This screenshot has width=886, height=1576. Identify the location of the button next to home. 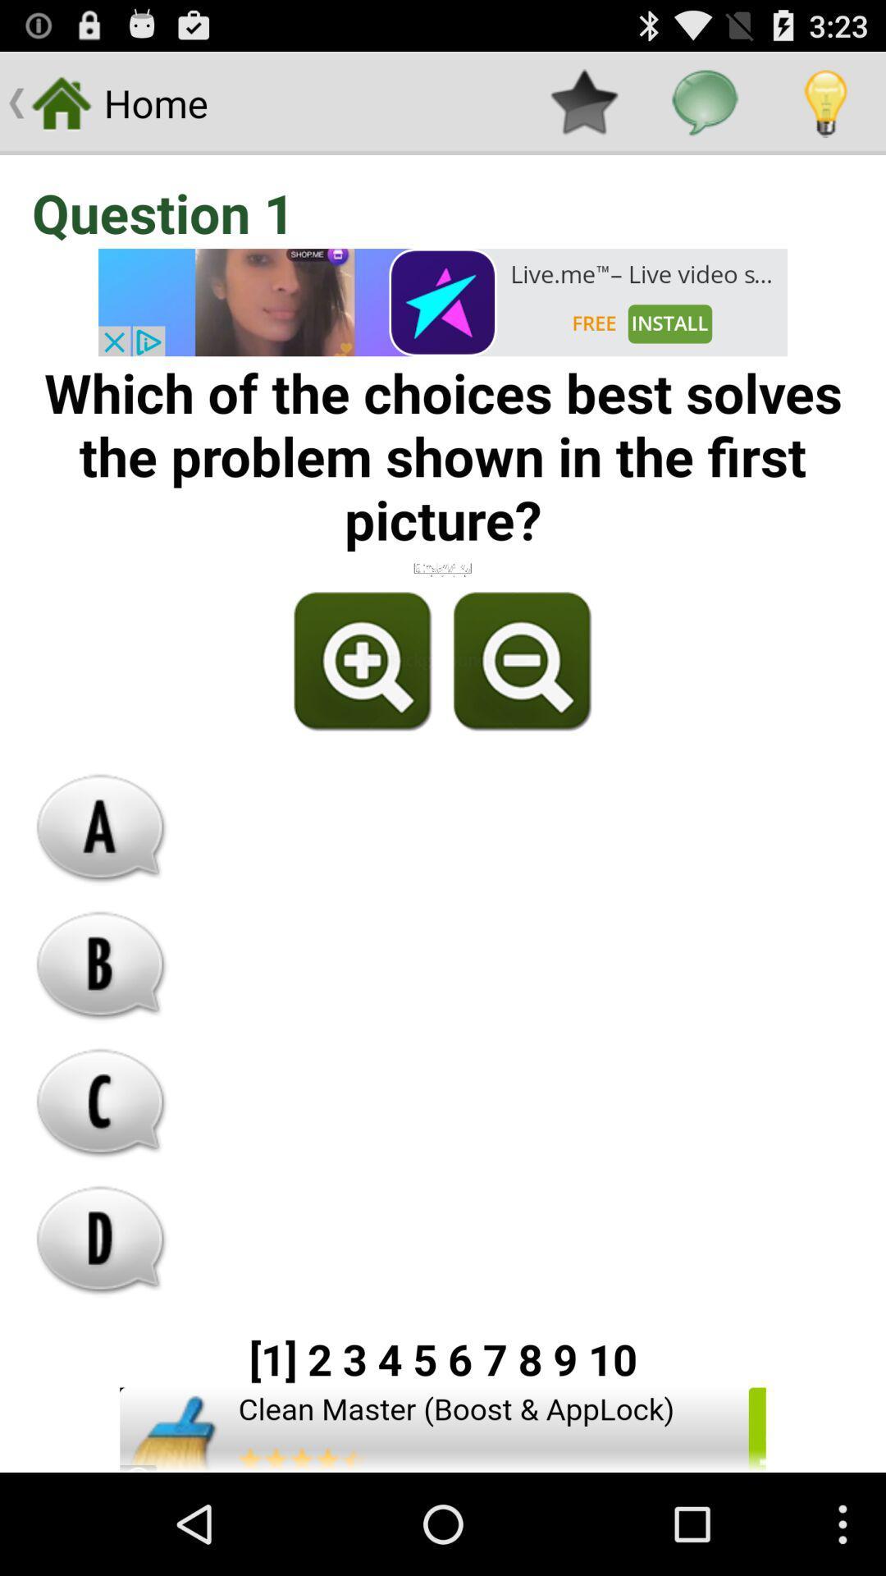
(583, 102).